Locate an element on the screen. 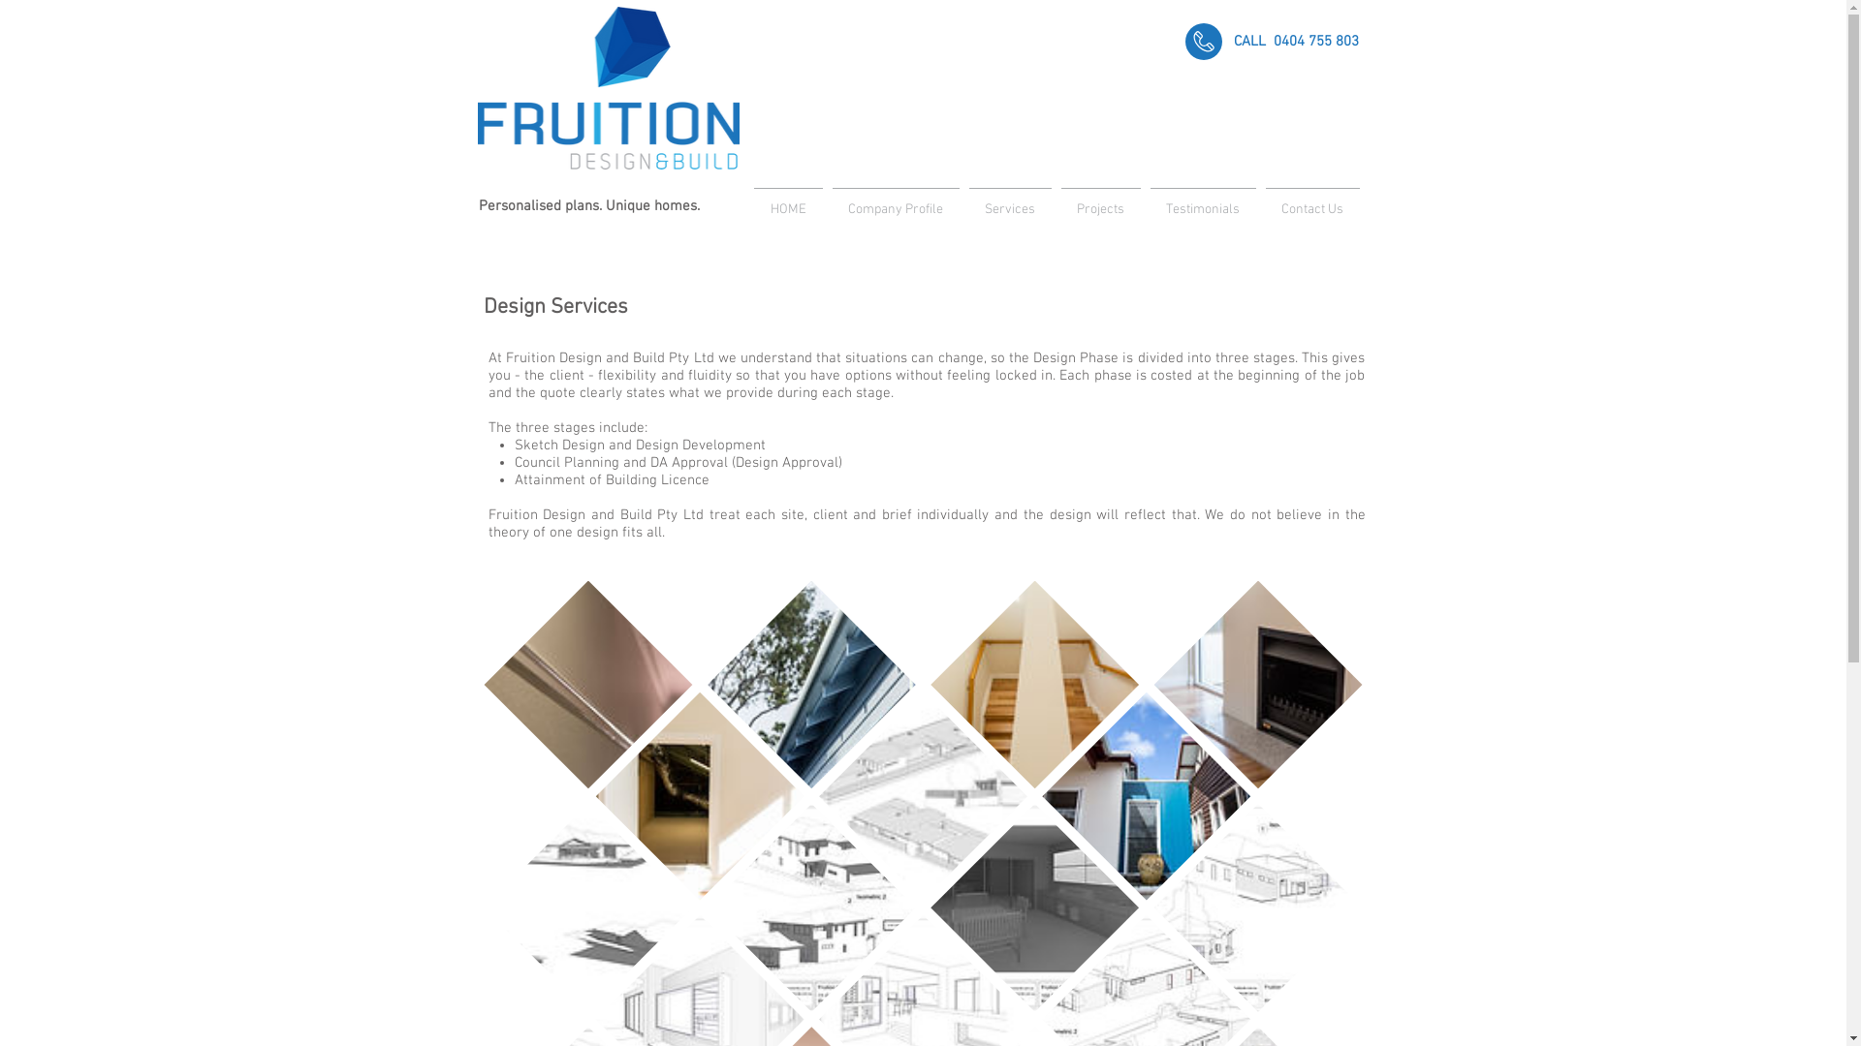  'HOME' is located at coordinates (787, 201).